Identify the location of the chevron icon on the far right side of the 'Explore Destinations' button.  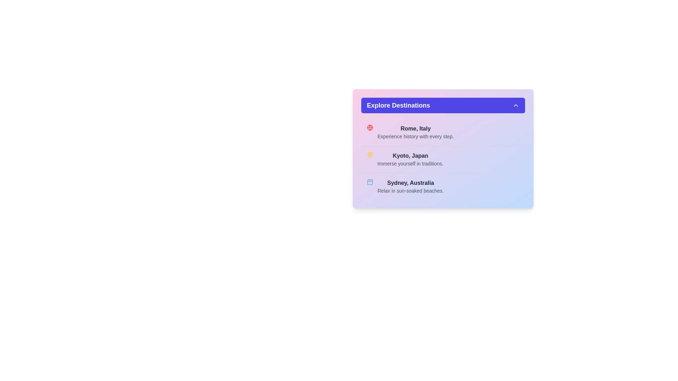
(516, 105).